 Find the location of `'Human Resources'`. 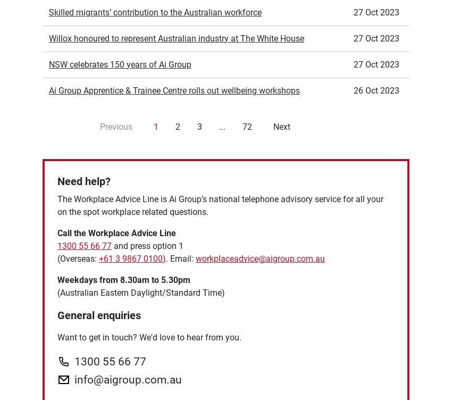

'Human Resources' is located at coordinates (204, 369).